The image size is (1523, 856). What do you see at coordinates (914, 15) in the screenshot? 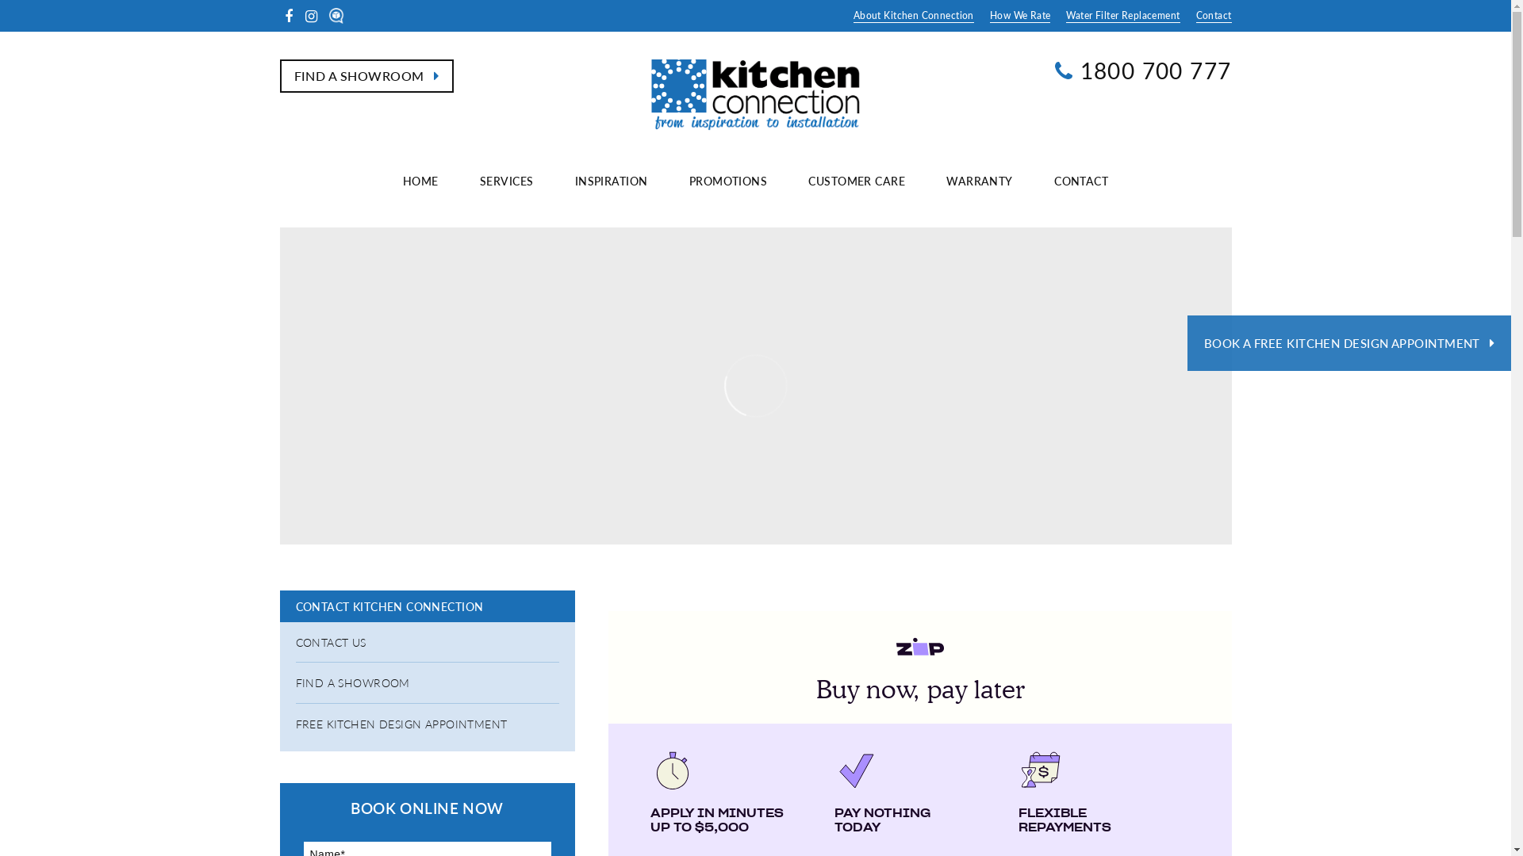
I see `'About Kitchen Connection'` at bounding box center [914, 15].